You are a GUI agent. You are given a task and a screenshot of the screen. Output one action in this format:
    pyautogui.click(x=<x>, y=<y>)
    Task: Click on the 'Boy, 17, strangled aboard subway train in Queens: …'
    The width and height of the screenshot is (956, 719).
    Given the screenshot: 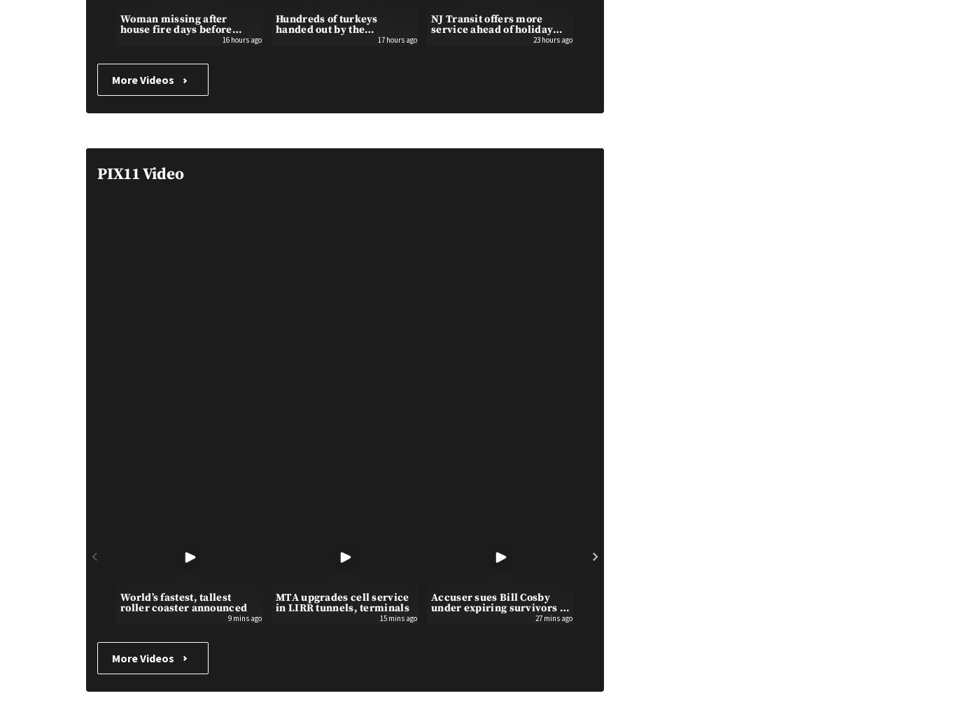 What is the action you would take?
    pyautogui.click(x=586, y=601)
    